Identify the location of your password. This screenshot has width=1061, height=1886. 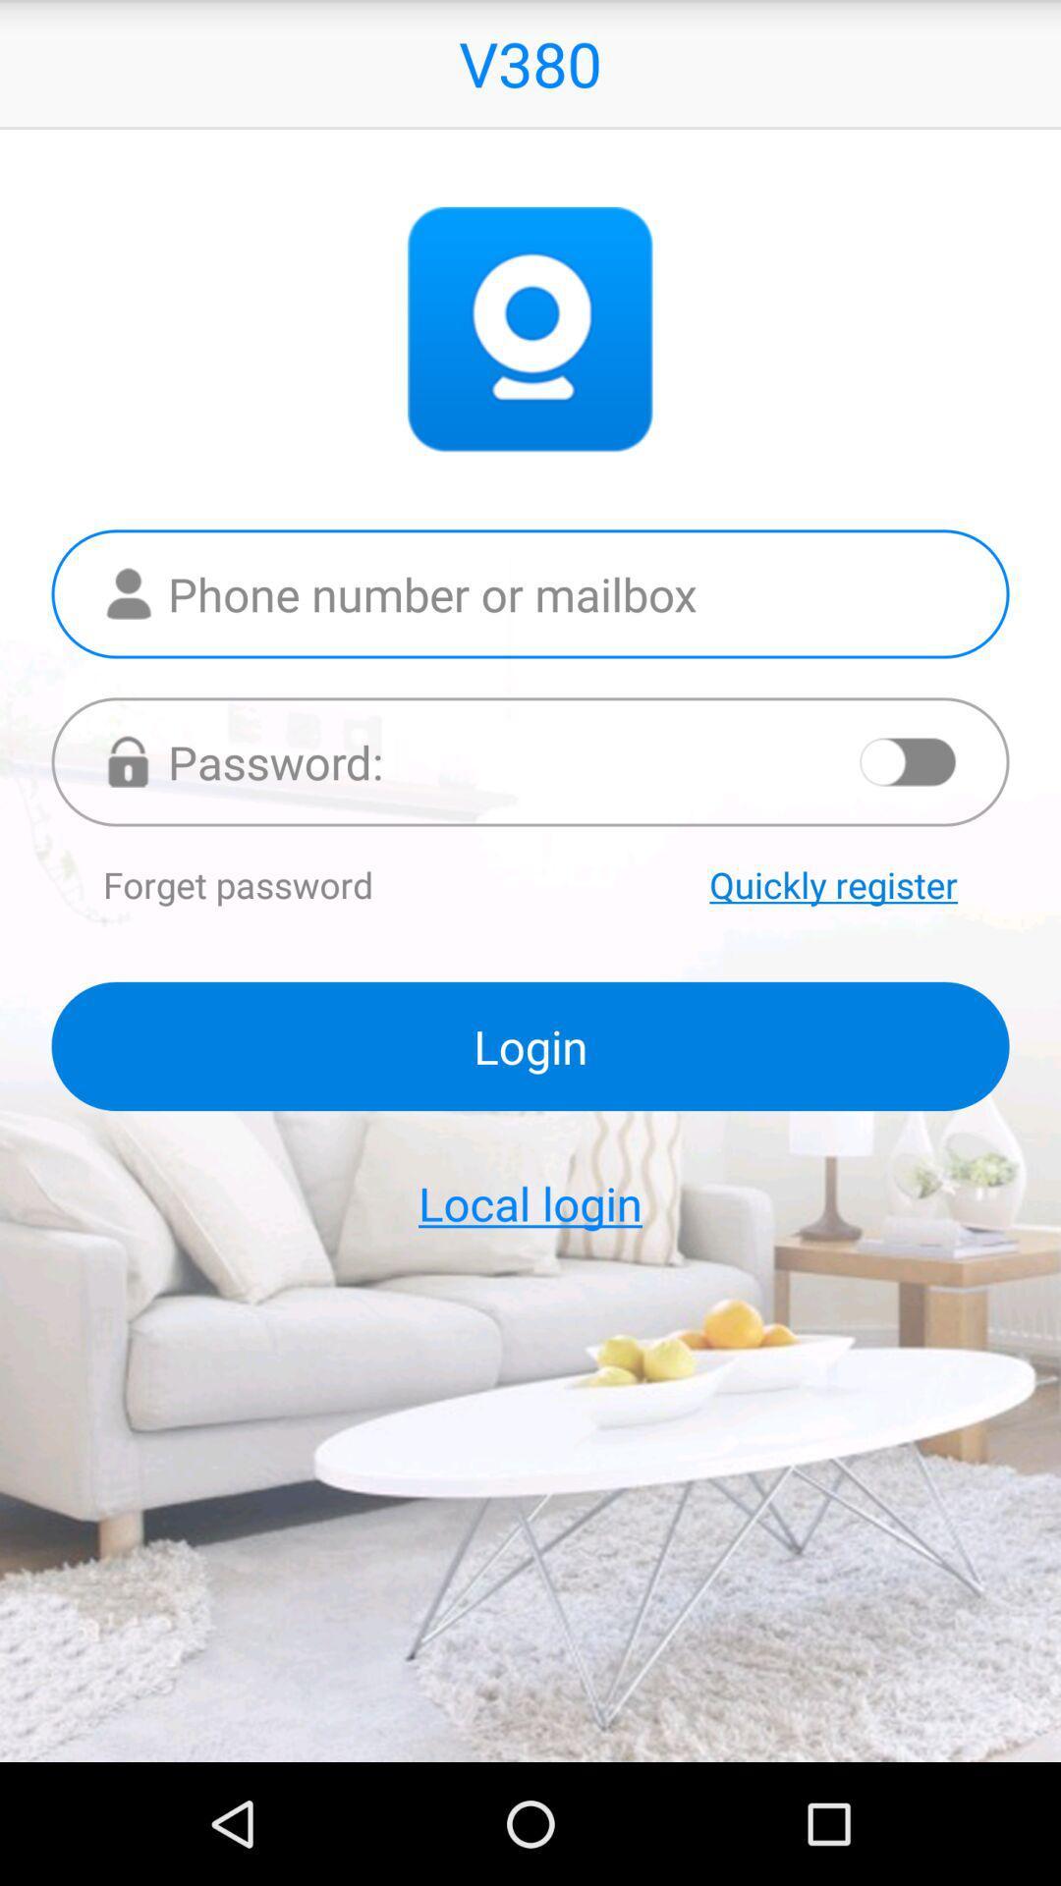
(530, 760).